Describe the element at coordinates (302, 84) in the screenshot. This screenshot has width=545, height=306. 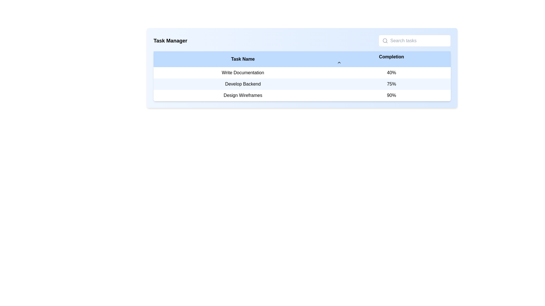
I see `on the second row of the table with a light blue background that contains the task 'Develop Backend' and its completion status '75%'` at that location.